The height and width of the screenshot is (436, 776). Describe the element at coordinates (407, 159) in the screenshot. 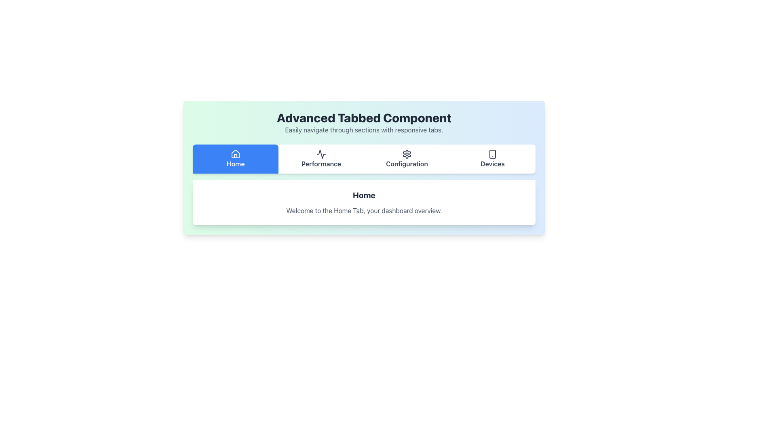

I see `the third Navigation Tab that serves as the entry point to the Configuration section for more details` at that location.